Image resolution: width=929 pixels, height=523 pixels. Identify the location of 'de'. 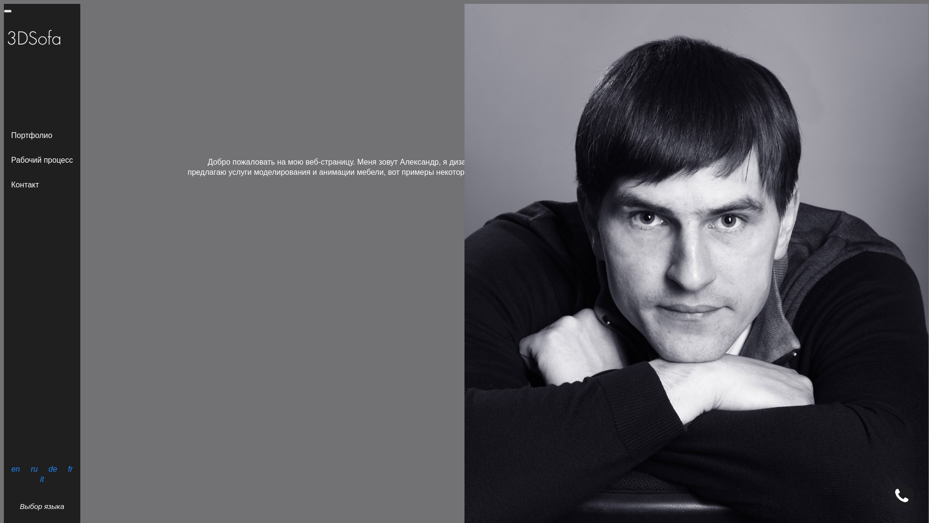
(52, 468).